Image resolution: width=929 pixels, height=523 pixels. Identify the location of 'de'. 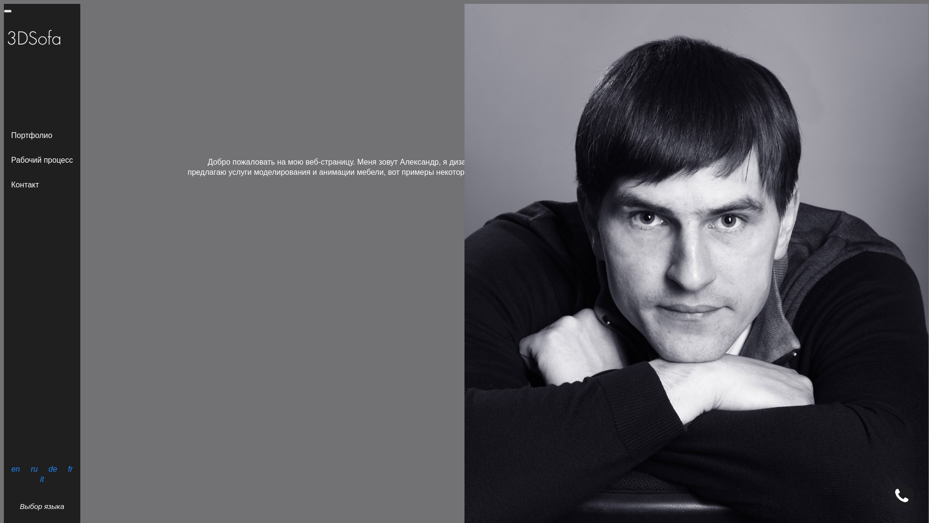
(52, 468).